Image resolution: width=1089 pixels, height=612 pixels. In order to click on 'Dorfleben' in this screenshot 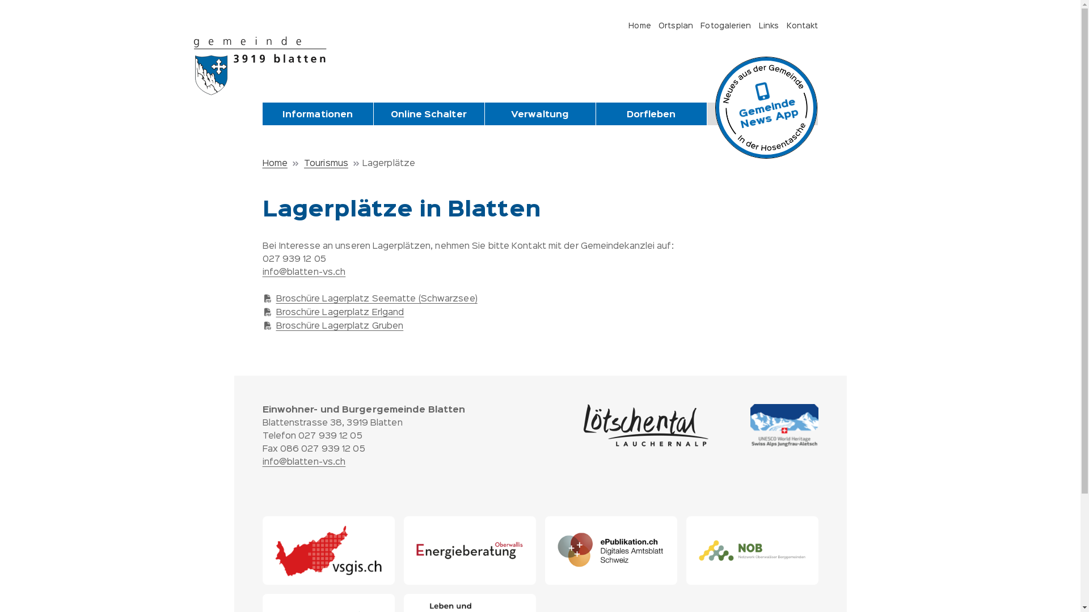, I will do `click(651, 115)`.